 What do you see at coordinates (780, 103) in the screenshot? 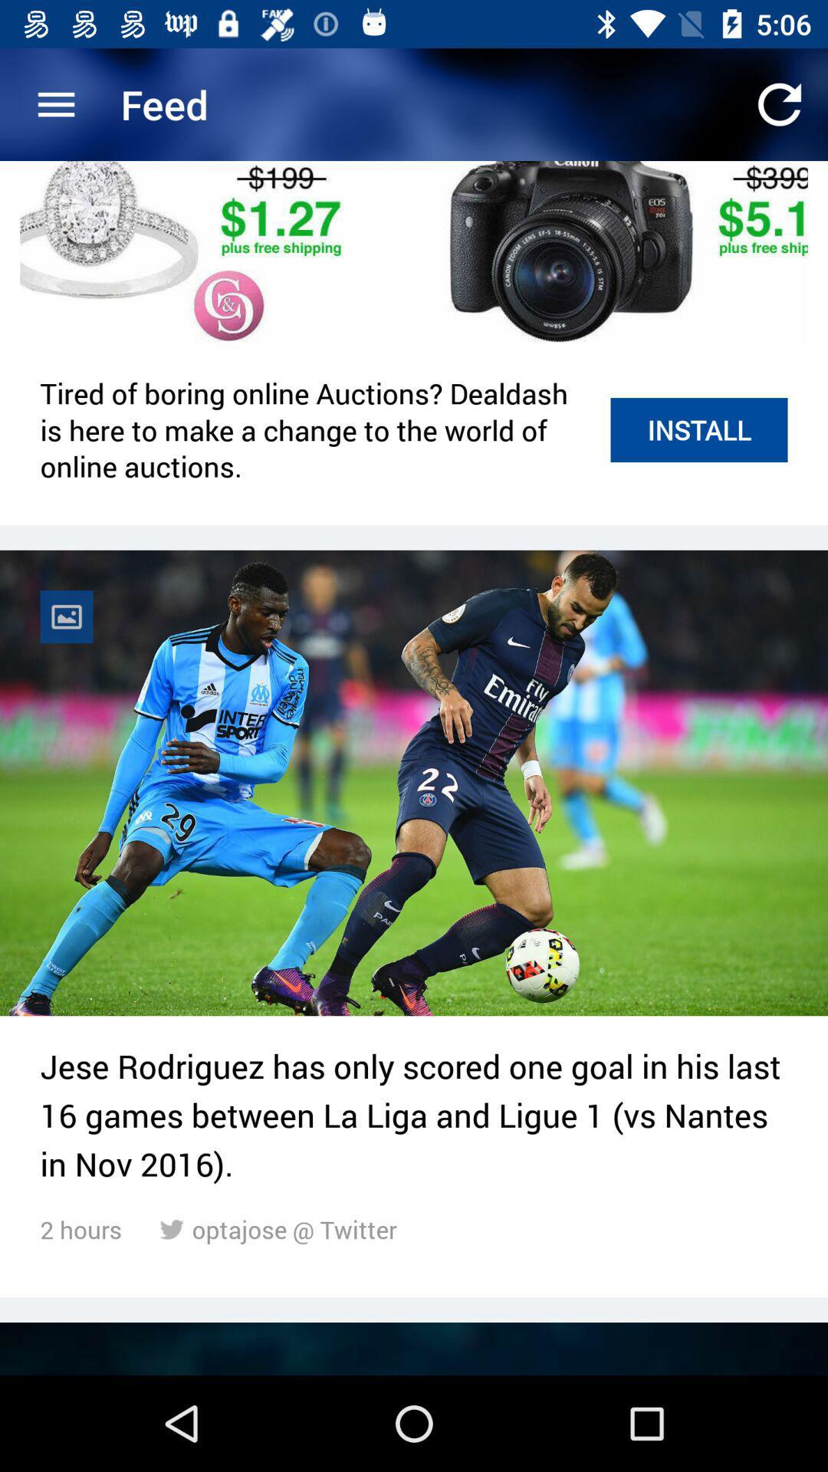
I see `item to the right of the feed item` at bounding box center [780, 103].